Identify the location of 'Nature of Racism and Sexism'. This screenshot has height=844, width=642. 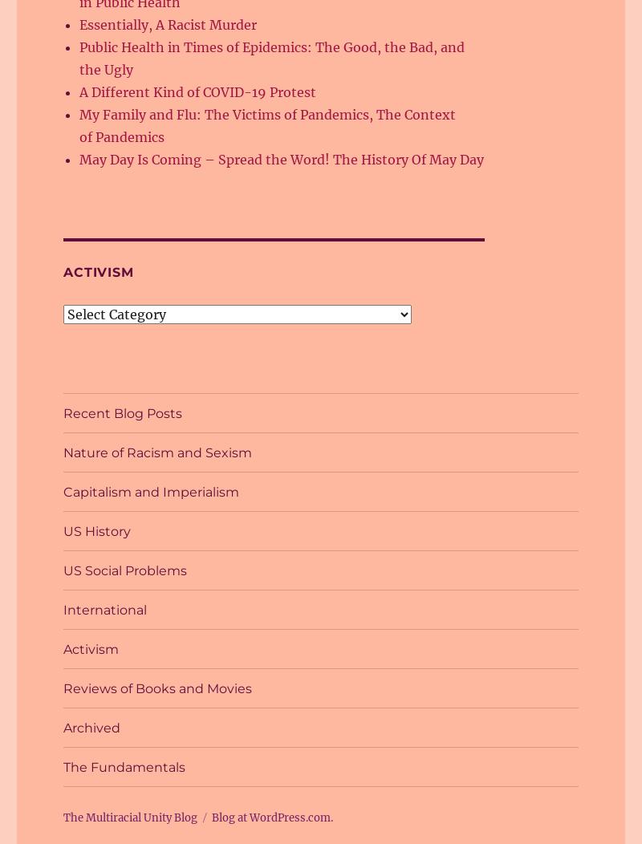
(156, 452).